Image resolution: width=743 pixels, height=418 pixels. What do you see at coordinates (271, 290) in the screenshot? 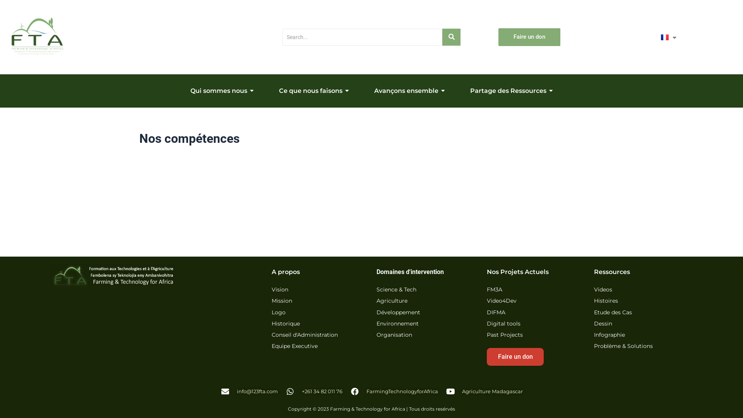
I see `'Vision'` at bounding box center [271, 290].